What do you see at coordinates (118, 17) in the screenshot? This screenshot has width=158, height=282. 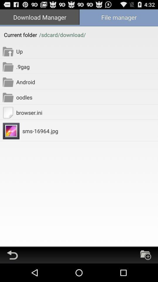 I see `the app next to download manager` at bounding box center [118, 17].